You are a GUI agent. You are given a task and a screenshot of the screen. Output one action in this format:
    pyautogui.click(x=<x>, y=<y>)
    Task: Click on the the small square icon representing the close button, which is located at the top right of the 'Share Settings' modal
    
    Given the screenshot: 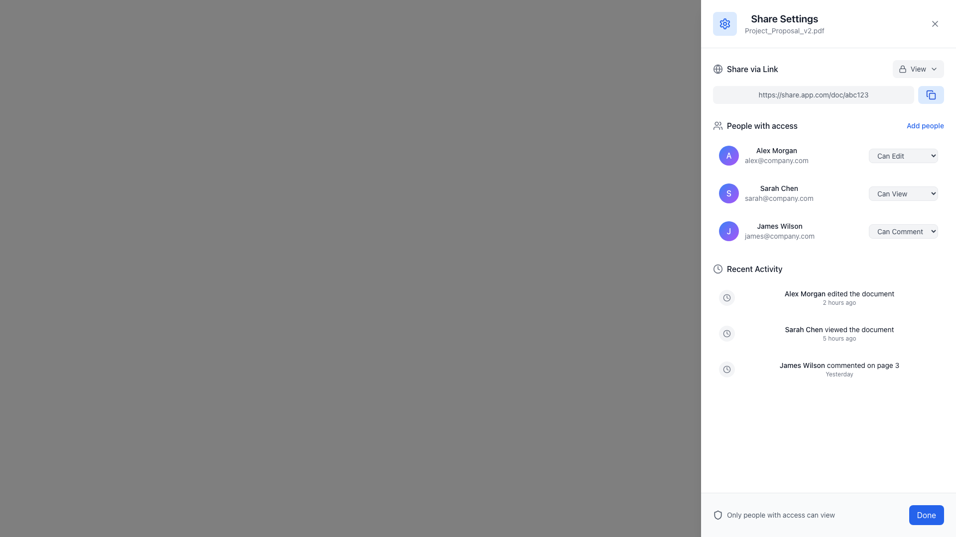 What is the action you would take?
    pyautogui.click(x=934, y=23)
    